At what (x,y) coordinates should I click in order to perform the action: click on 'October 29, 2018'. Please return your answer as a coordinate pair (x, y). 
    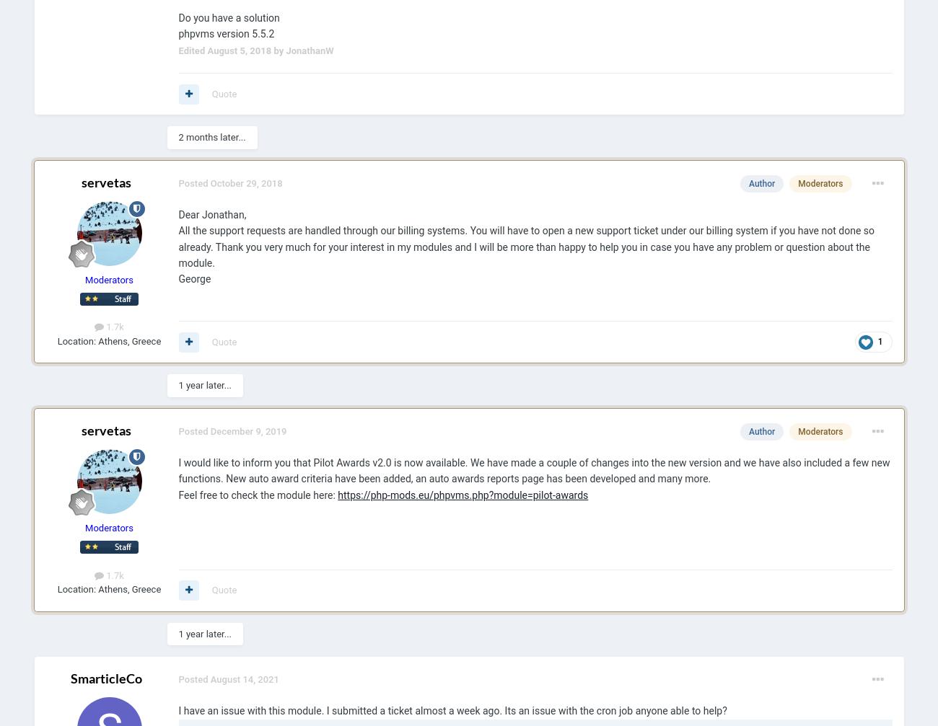
    Looking at the image, I should click on (245, 182).